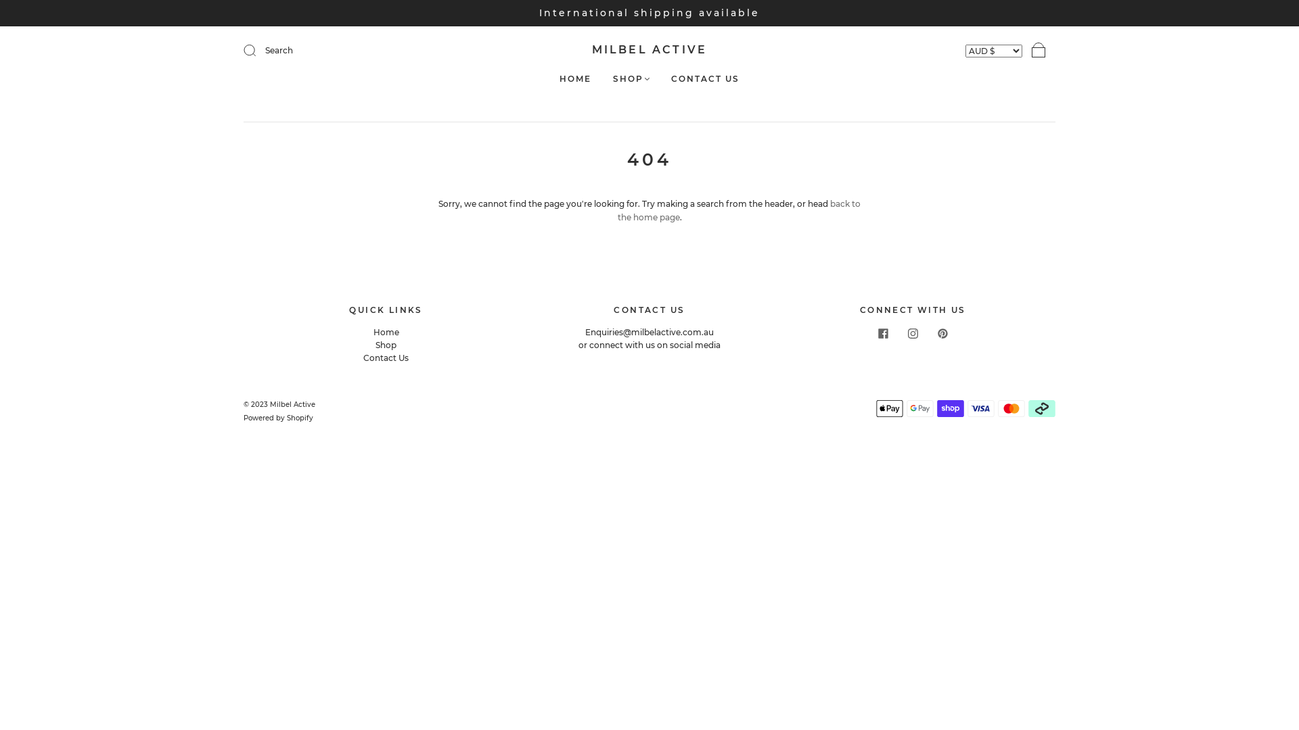  I want to click on 'MILBEL ACTIVE', so click(649, 49).